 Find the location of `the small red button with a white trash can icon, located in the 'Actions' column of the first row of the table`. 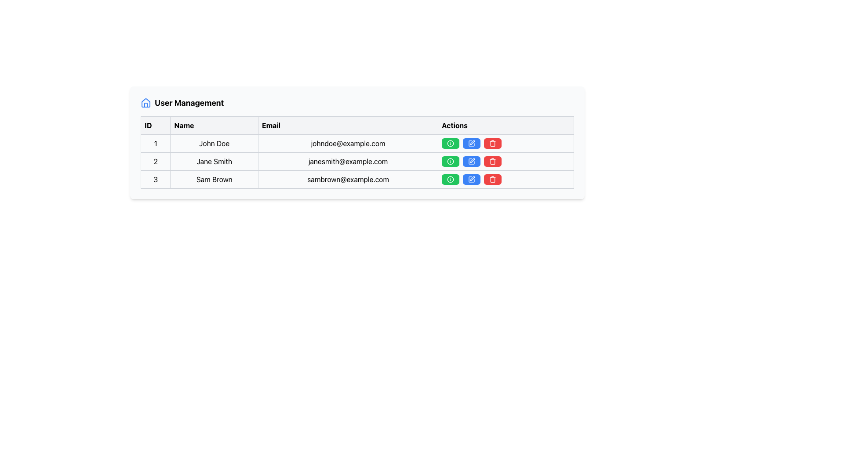

the small red button with a white trash can icon, located in the 'Actions' column of the first row of the table is located at coordinates (493, 143).